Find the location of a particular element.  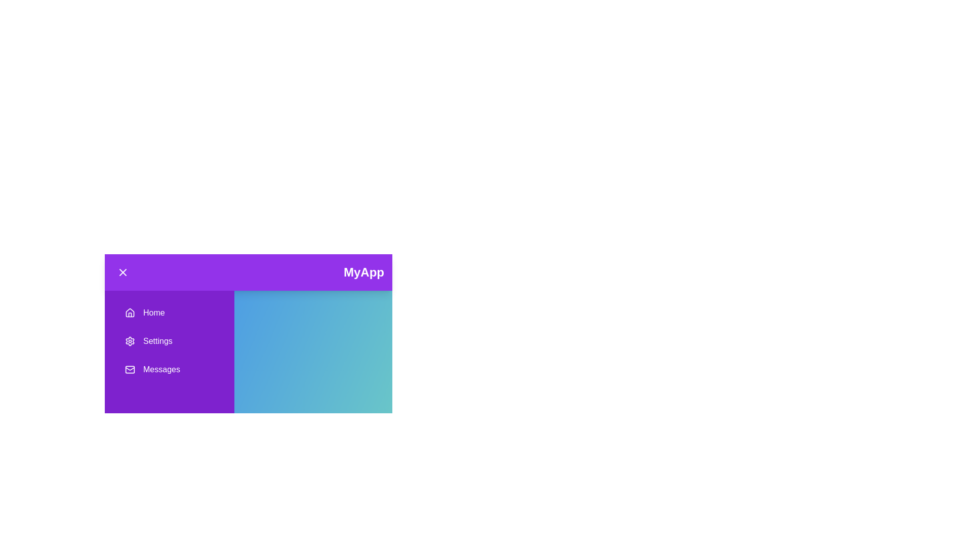

the 'Settings' option in the navigation menu is located at coordinates (170, 341).